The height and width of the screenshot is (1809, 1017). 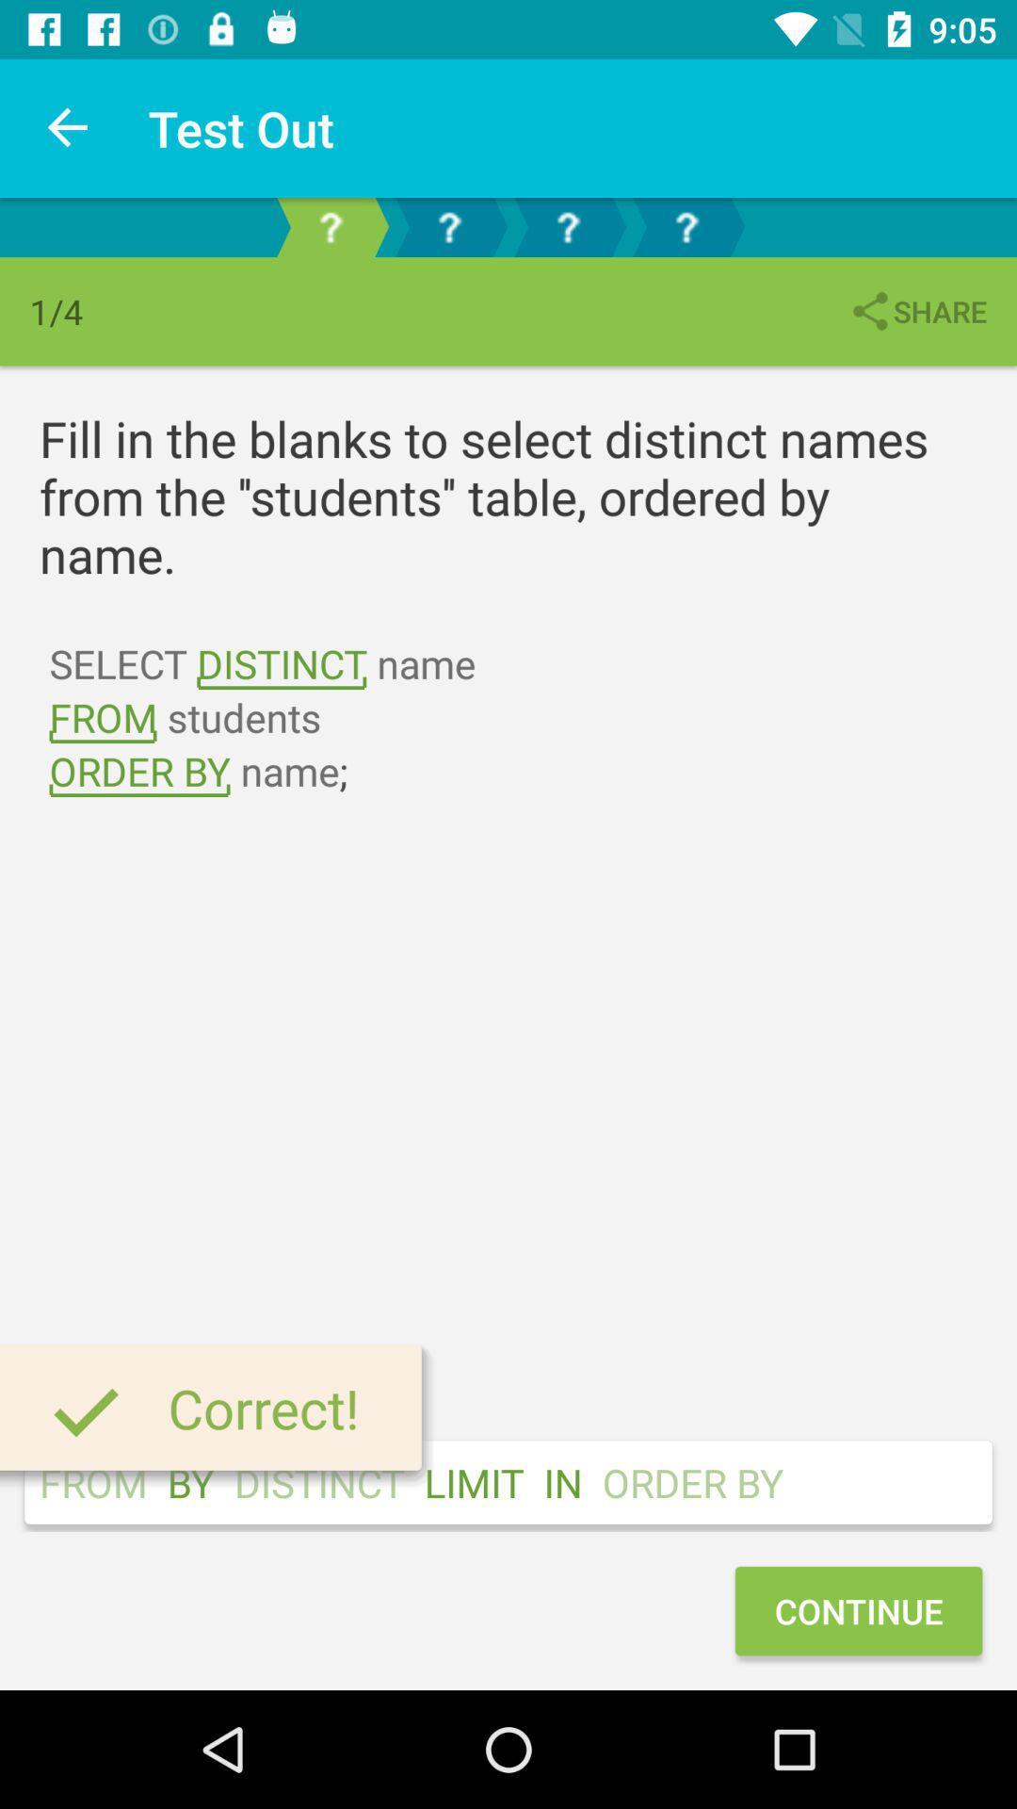 What do you see at coordinates (566, 226) in the screenshot?
I see `the help icon` at bounding box center [566, 226].